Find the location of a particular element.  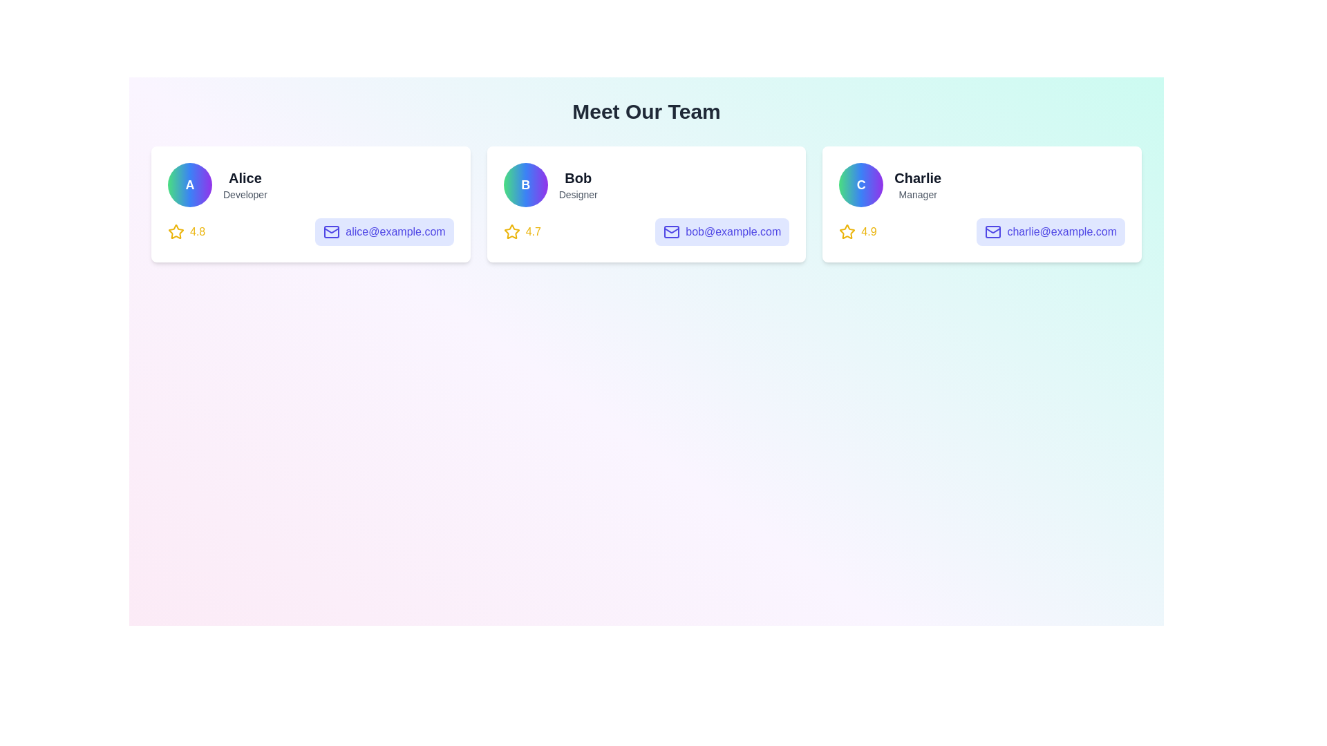

the clickable email link for 'Alice', a Developer, located in the first 'Meet Our Team' card is located at coordinates (384, 231).